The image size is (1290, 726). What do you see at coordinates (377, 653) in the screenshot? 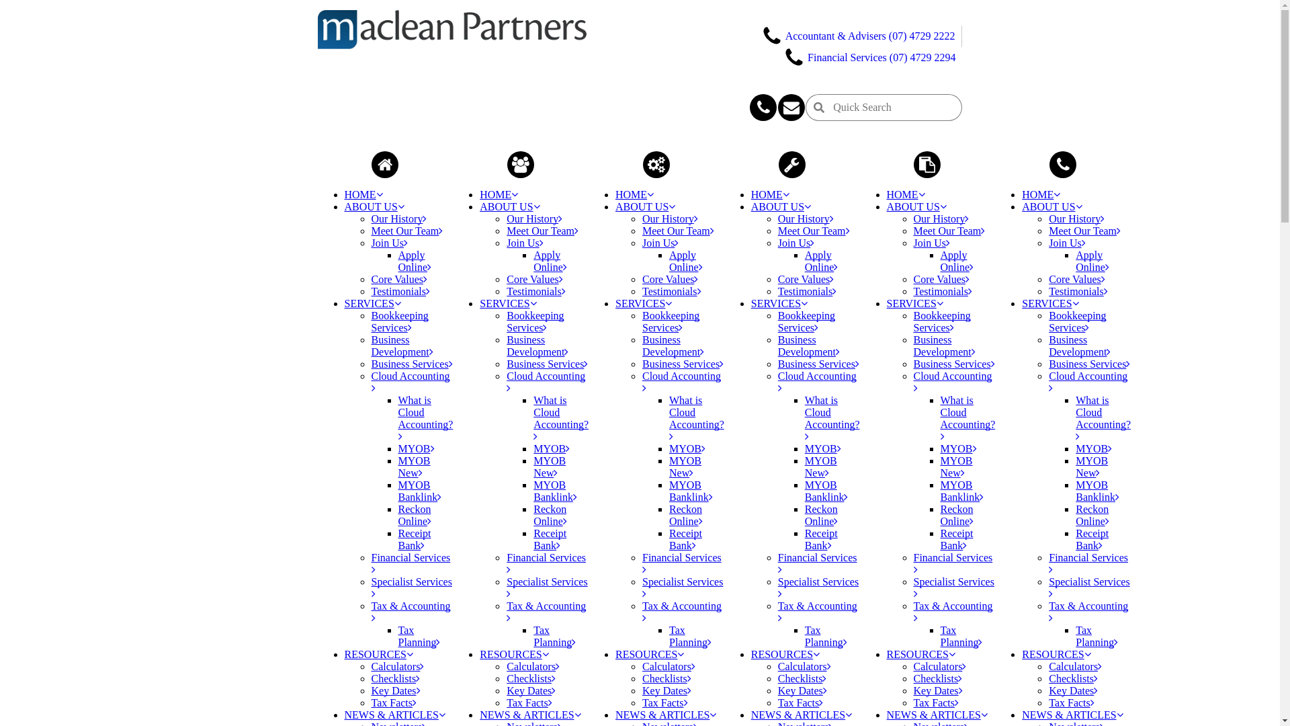
I see `'RESOURCES'` at bounding box center [377, 653].